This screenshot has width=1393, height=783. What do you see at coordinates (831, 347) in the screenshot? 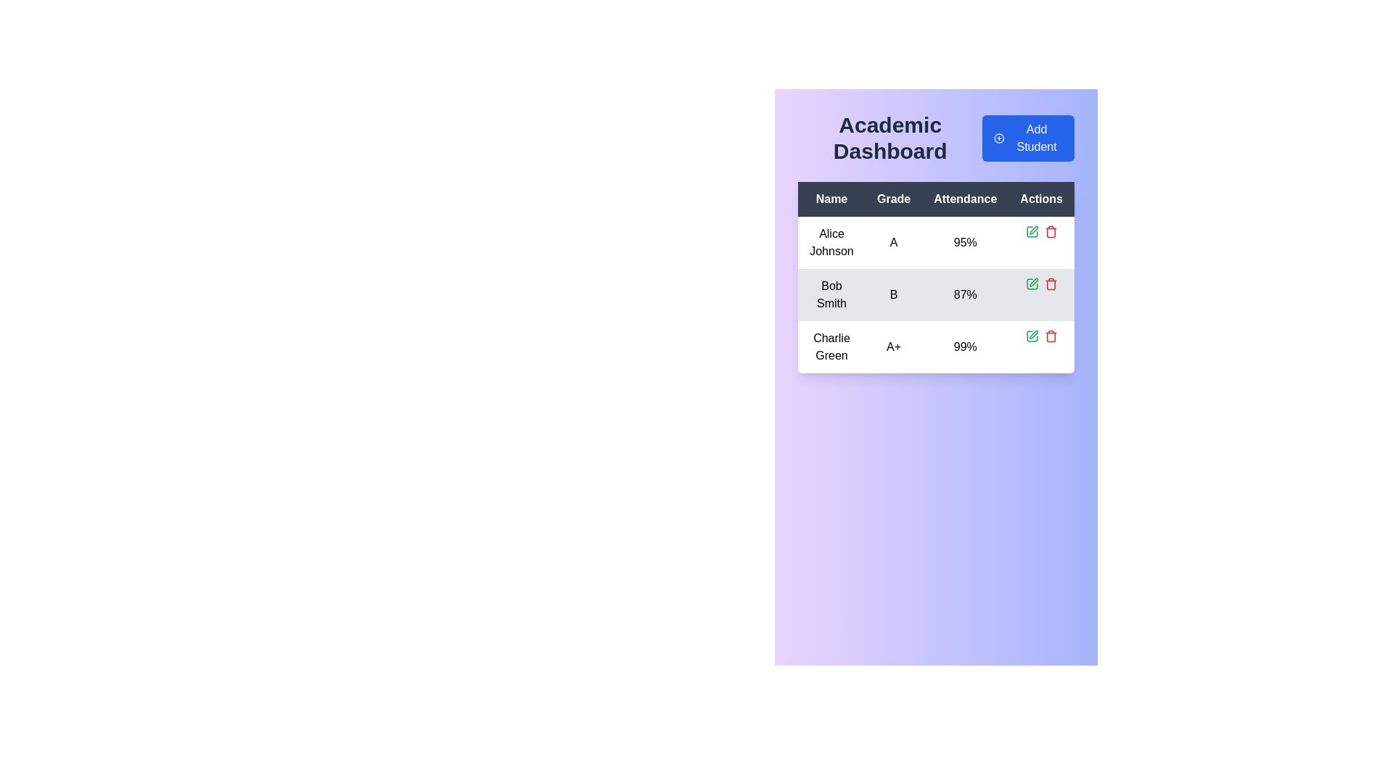
I see `the text label representing the name of the student located in the last row of the academic dashboard table under the 'Name' column` at bounding box center [831, 347].